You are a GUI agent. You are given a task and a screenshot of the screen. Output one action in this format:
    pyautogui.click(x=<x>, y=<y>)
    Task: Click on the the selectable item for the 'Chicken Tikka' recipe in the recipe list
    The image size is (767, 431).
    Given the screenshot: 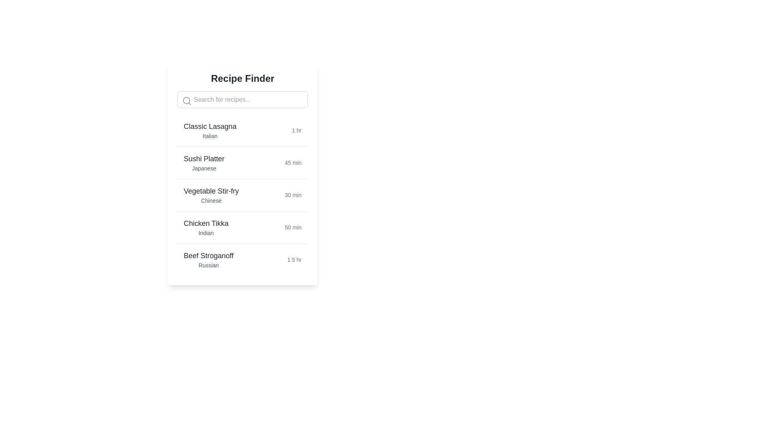 What is the action you would take?
    pyautogui.click(x=242, y=227)
    